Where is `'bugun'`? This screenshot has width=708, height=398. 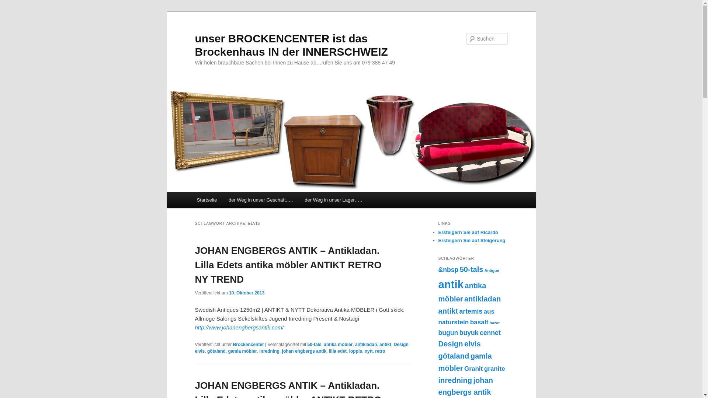
'bugun' is located at coordinates (447, 332).